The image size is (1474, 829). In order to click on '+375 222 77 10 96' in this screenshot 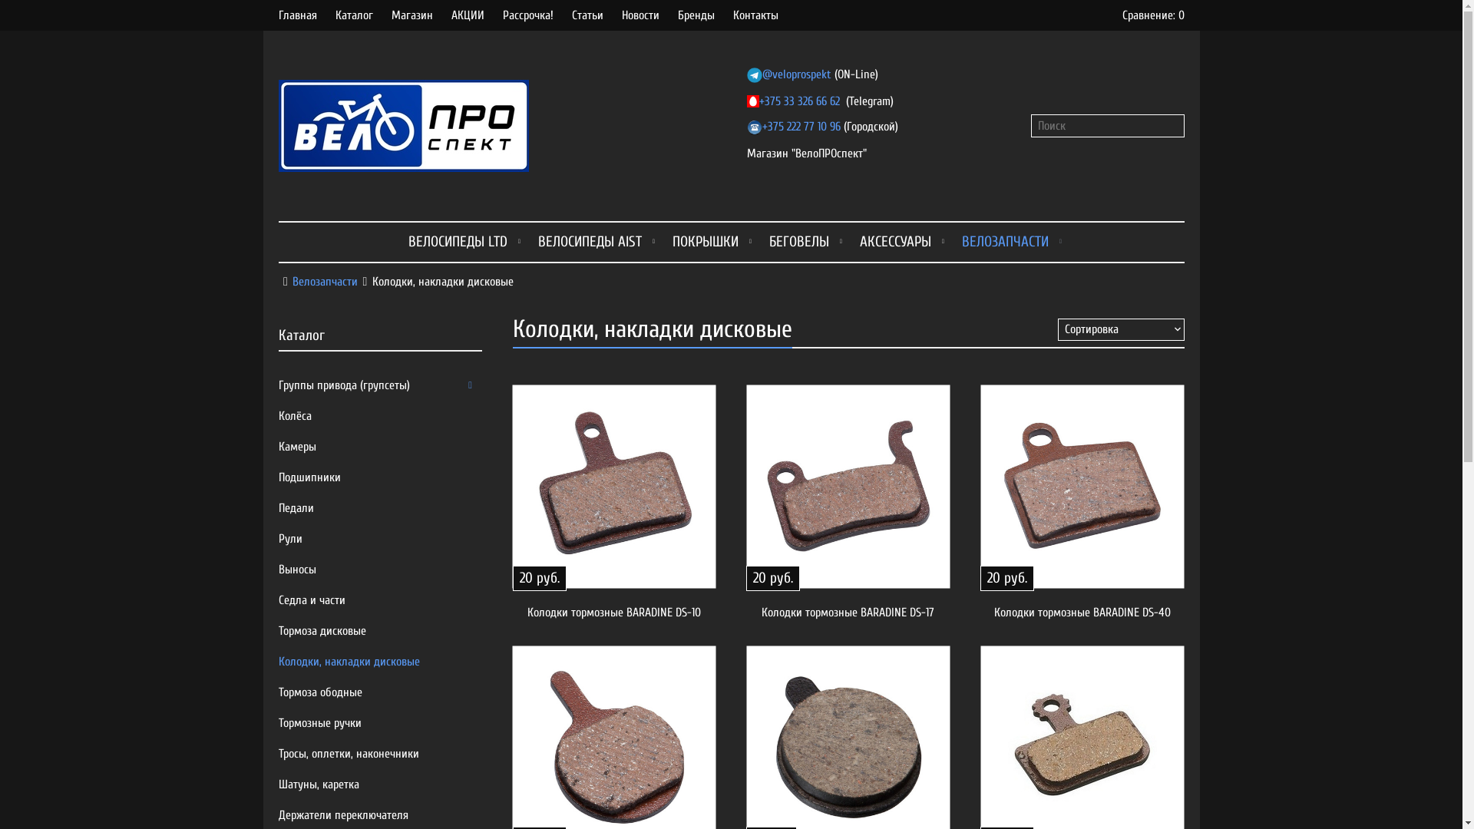, I will do `click(762, 126)`.